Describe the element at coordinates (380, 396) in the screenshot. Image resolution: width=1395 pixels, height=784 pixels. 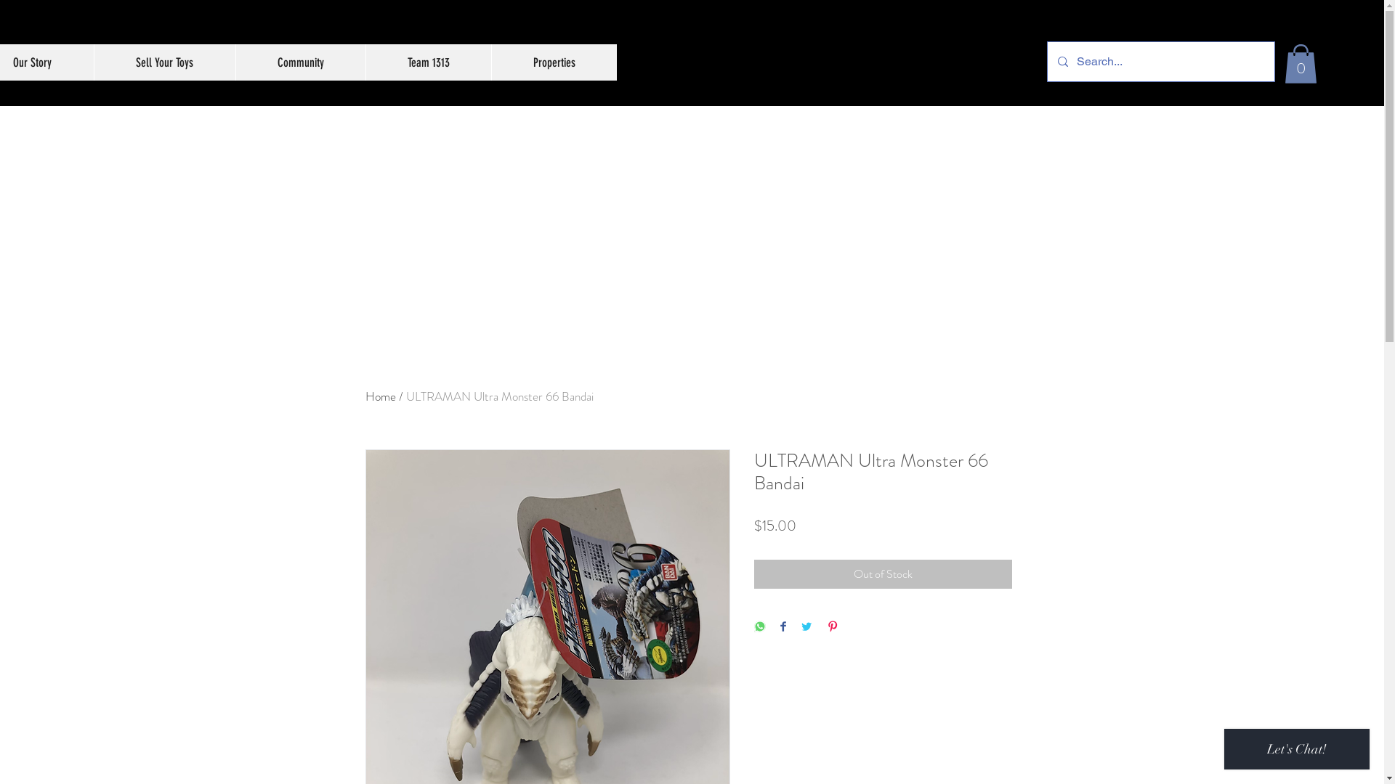
I see `'Home'` at that location.